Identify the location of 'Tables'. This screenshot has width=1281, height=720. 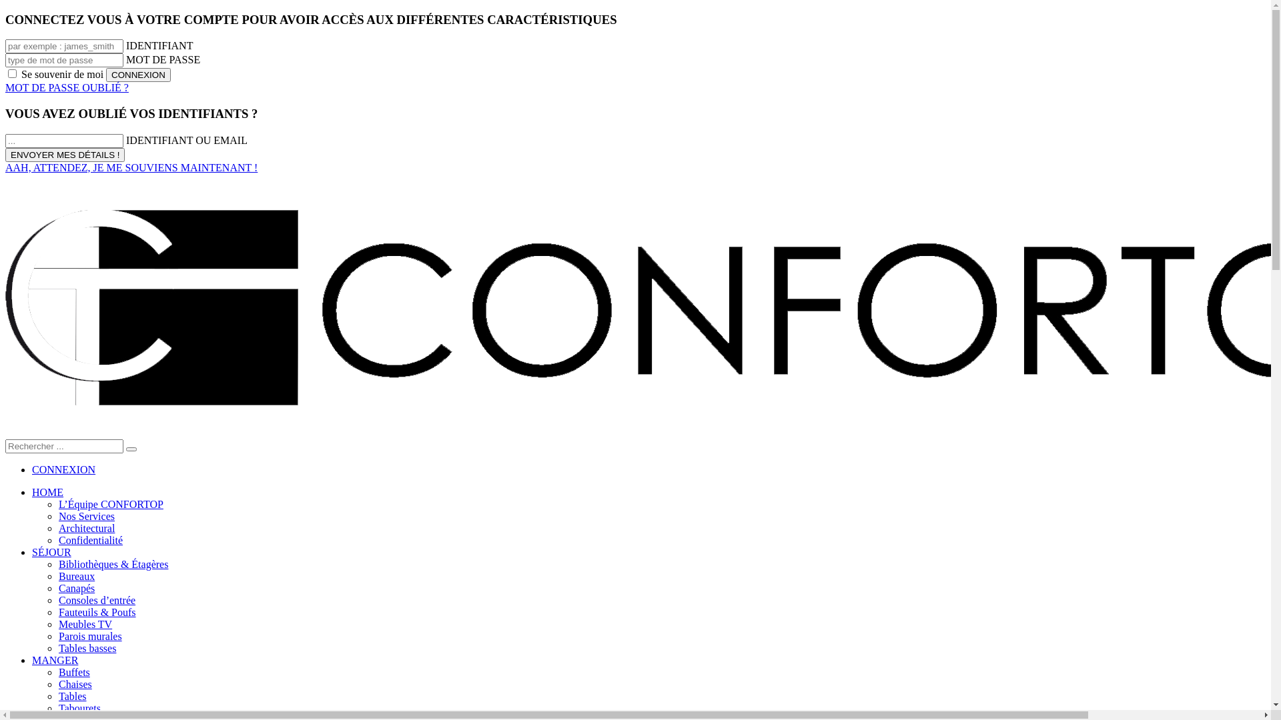
(57, 695).